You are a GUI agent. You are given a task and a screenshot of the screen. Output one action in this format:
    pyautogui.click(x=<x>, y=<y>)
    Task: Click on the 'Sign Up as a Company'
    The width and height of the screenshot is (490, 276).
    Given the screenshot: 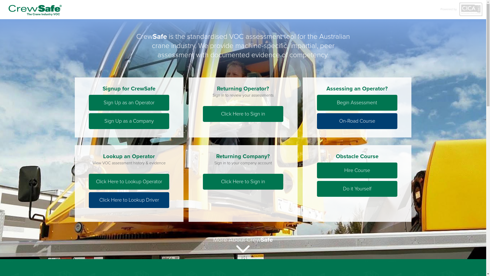 What is the action you would take?
    pyautogui.click(x=129, y=121)
    